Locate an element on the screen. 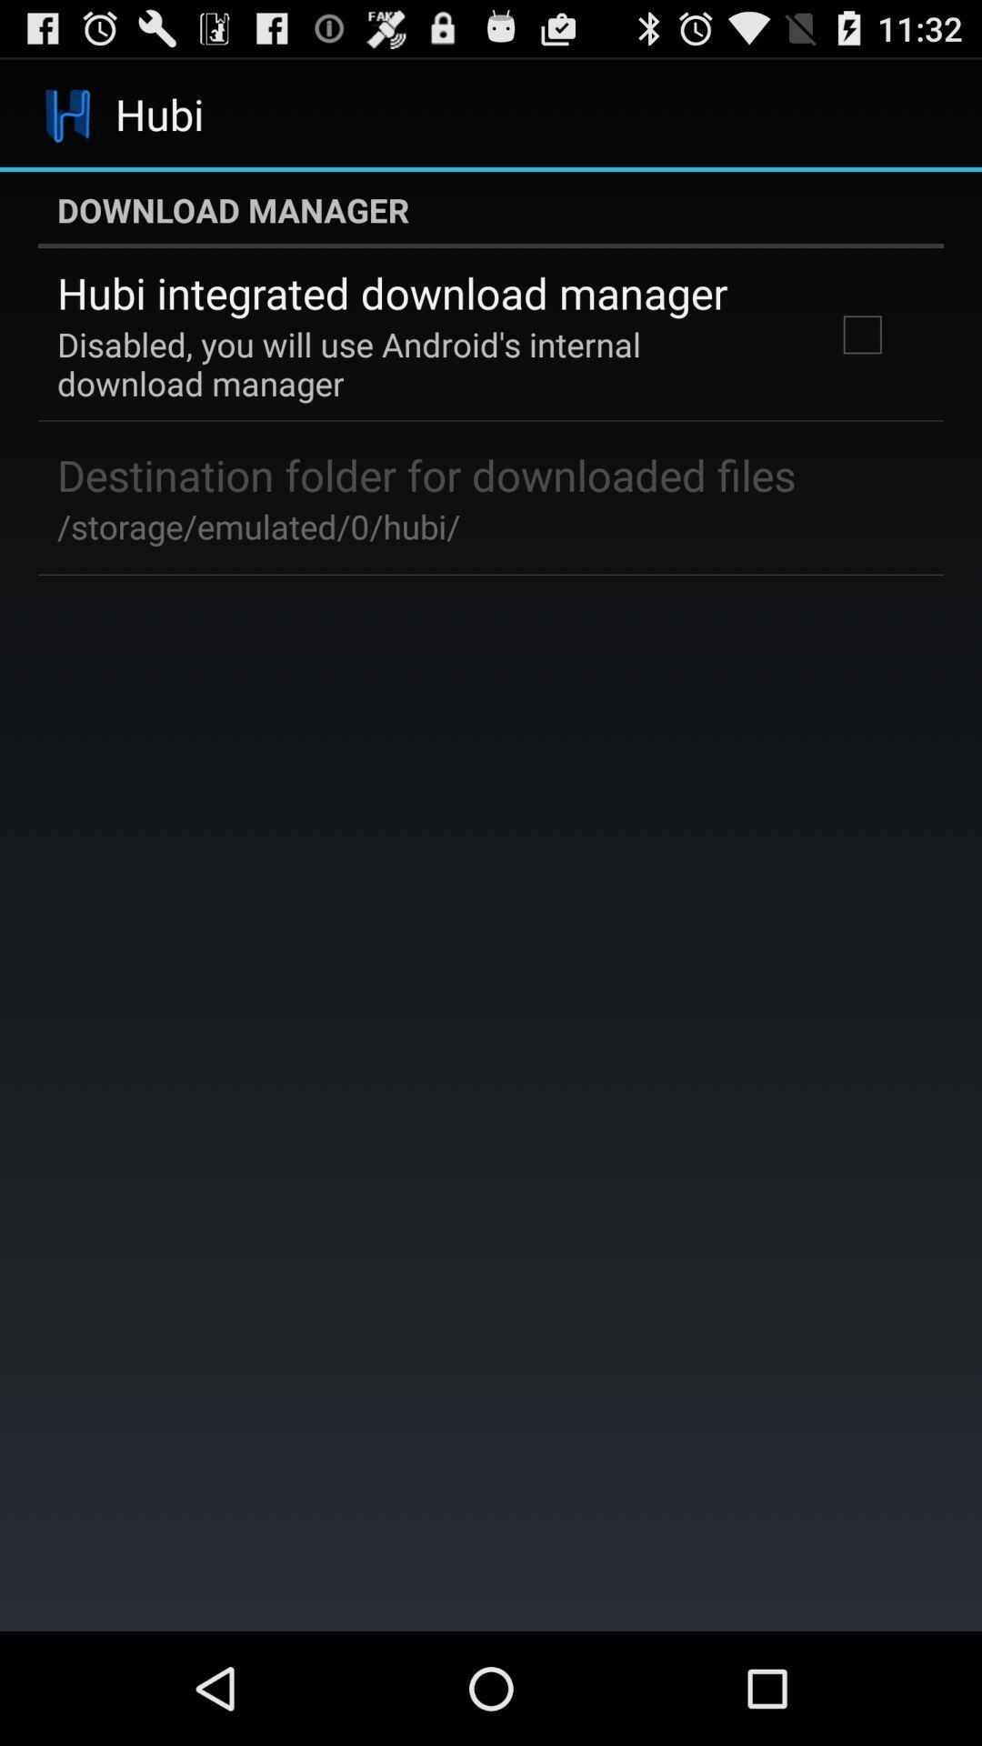  the hubi integrated download is located at coordinates (391, 293).